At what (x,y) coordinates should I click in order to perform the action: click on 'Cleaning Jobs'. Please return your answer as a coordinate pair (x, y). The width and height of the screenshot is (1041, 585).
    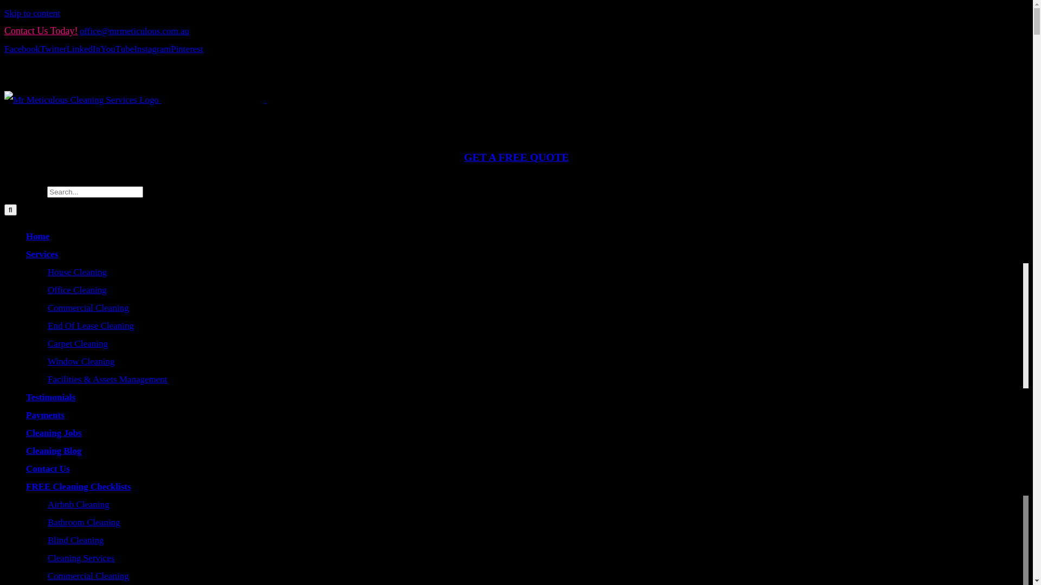
    Looking at the image, I should click on (53, 432).